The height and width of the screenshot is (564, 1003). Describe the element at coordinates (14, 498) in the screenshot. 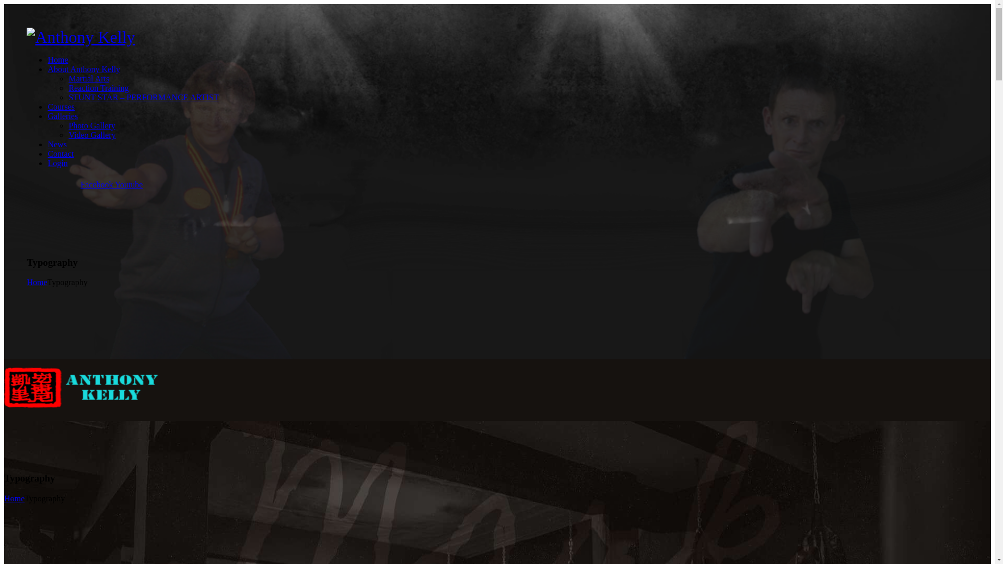

I see `'Home'` at that location.